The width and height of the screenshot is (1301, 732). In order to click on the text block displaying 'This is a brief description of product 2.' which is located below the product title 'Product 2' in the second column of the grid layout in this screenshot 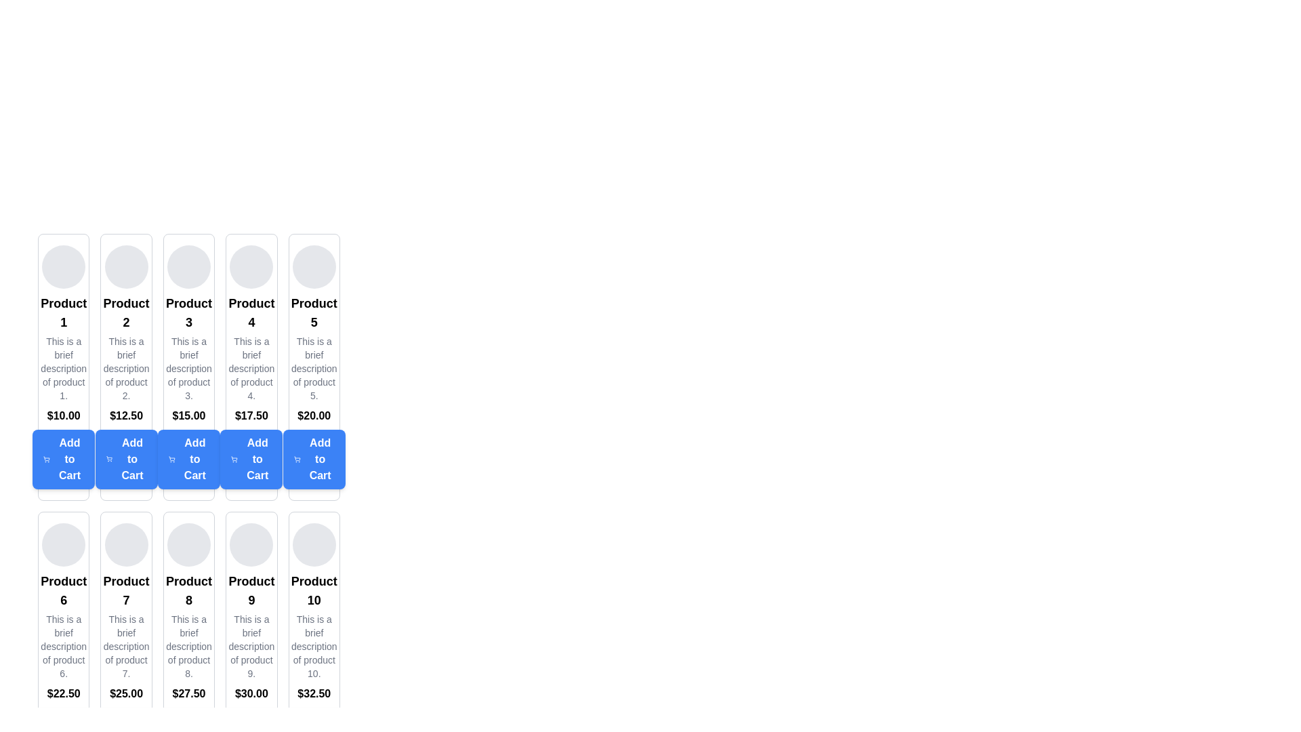, I will do `click(126, 368)`.